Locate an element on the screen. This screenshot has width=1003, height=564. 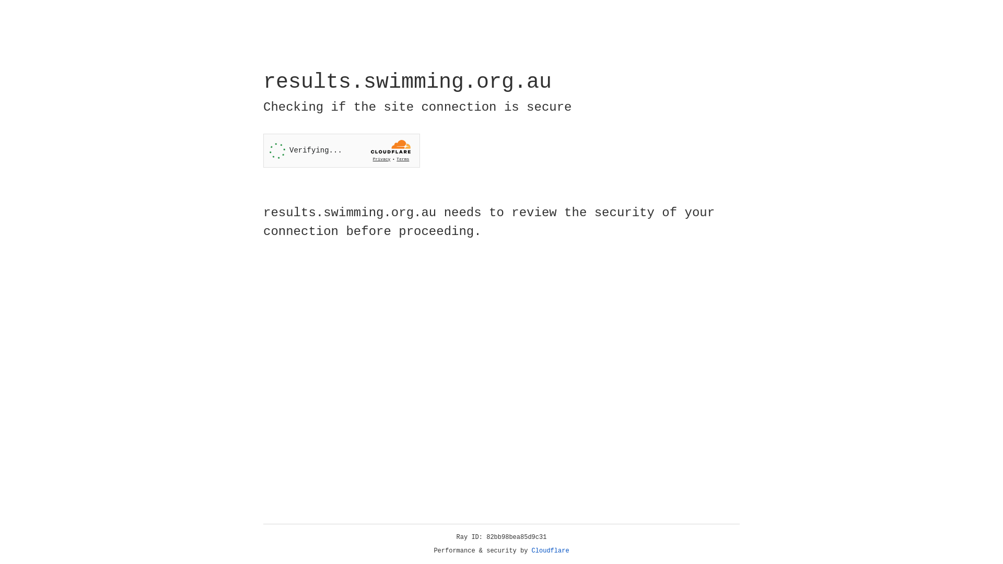
'Widget containing a Cloudflare security challenge' is located at coordinates (341, 150).